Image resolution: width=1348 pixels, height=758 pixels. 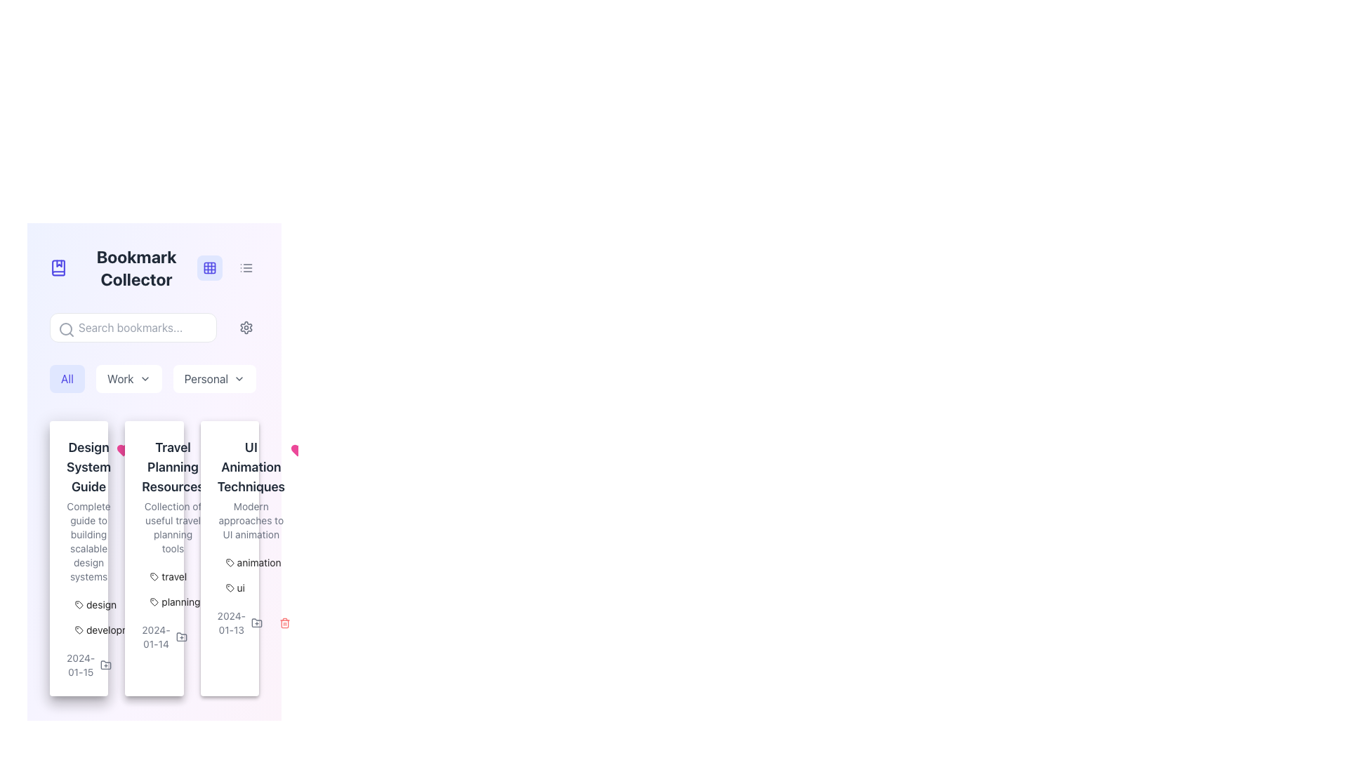 I want to click on text from the UI component titled 'UI Animation Techniques' which contains the subtitle 'Modern approaches to UI animation', so click(x=230, y=489).